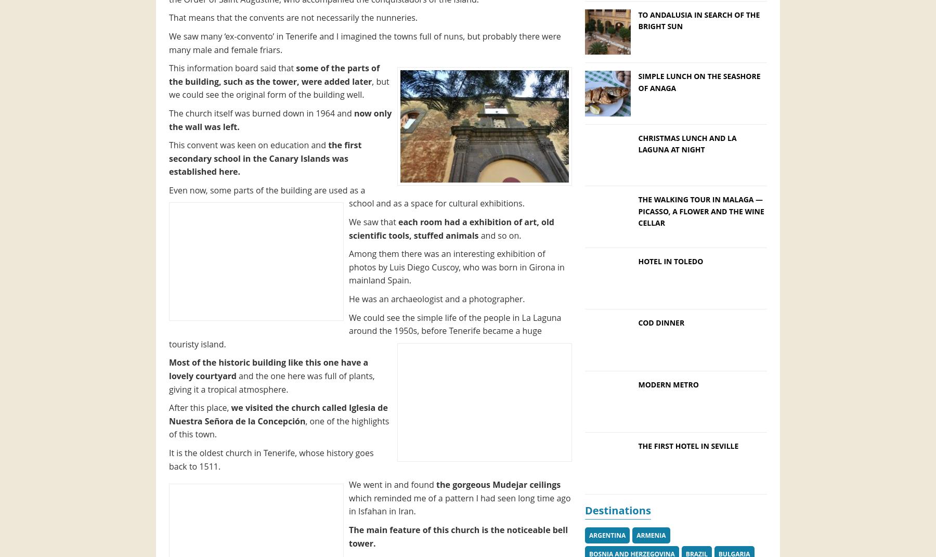 The image size is (936, 557). Describe the element at coordinates (271, 382) in the screenshot. I see `'and the one here was full of plants, giving it a tropical atmosphere.'` at that location.